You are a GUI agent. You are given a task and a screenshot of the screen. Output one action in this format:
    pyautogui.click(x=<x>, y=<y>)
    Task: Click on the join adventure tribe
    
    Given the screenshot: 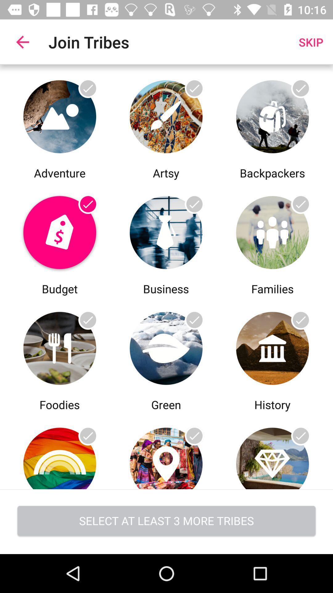 What is the action you would take?
    pyautogui.click(x=60, y=115)
    